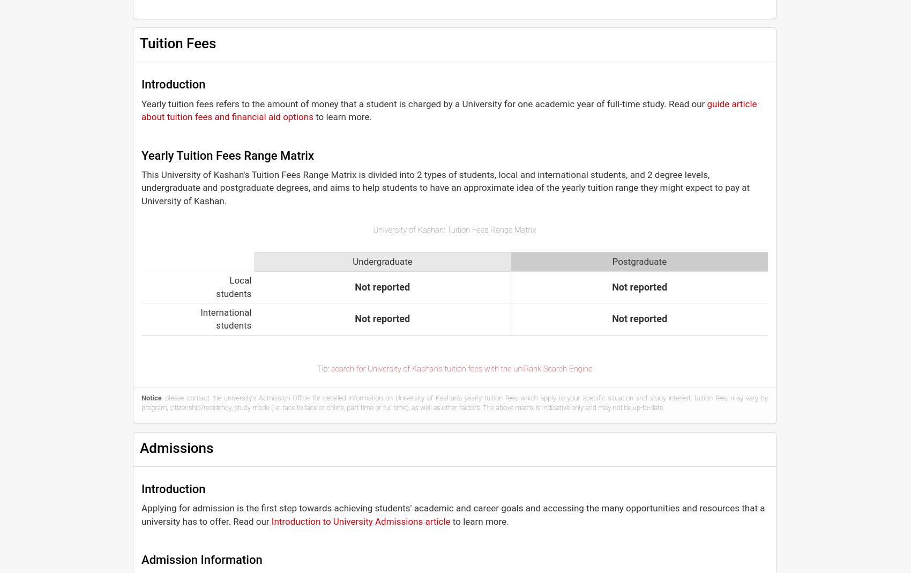  Describe the element at coordinates (141, 103) in the screenshot. I see `'Yearly tuition fees refers to the amount of money that a student is charged by a University for one academic year of full-time study. Read our'` at that location.